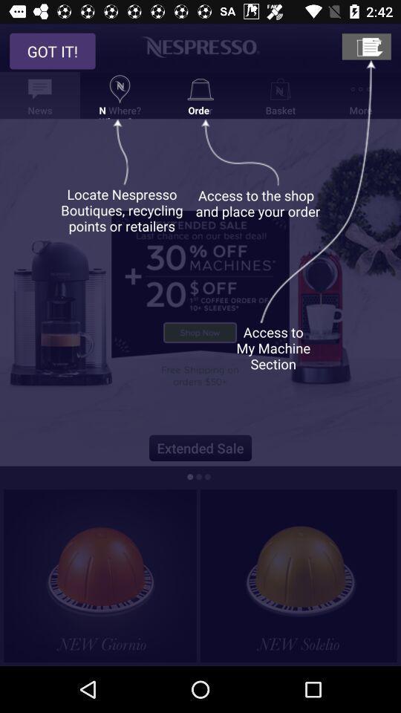 The image size is (401, 713). Describe the element at coordinates (365, 46) in the screenshot. I see `open new section` at that location.